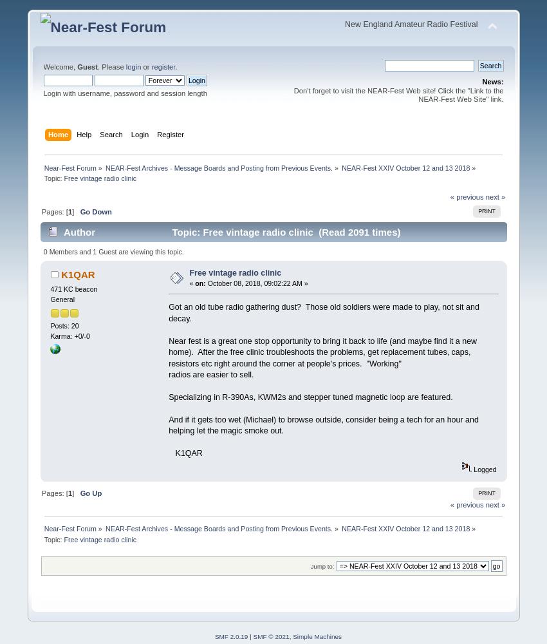  What do you see at coordinates (167, 352) in the screenshot?
I see `'Near fest is a great one stop opportunity to bring it back to life (and maybe find it a new home).  After the free clinic troubleshoots the problems, get replacement tubes, caps, resistors etc right around the corner at people's prices.  "Working"'` at bounding box center [167, 352].